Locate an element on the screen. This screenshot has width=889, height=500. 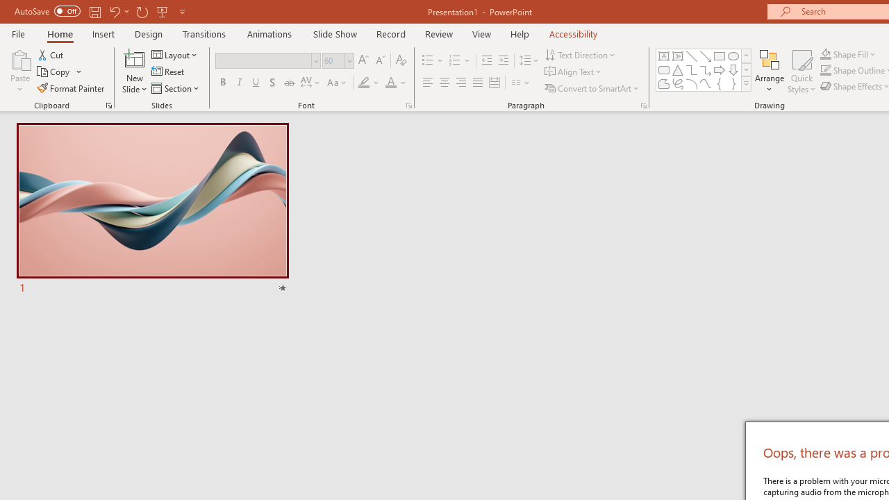
'Center' is located at coordinates (444, 83).